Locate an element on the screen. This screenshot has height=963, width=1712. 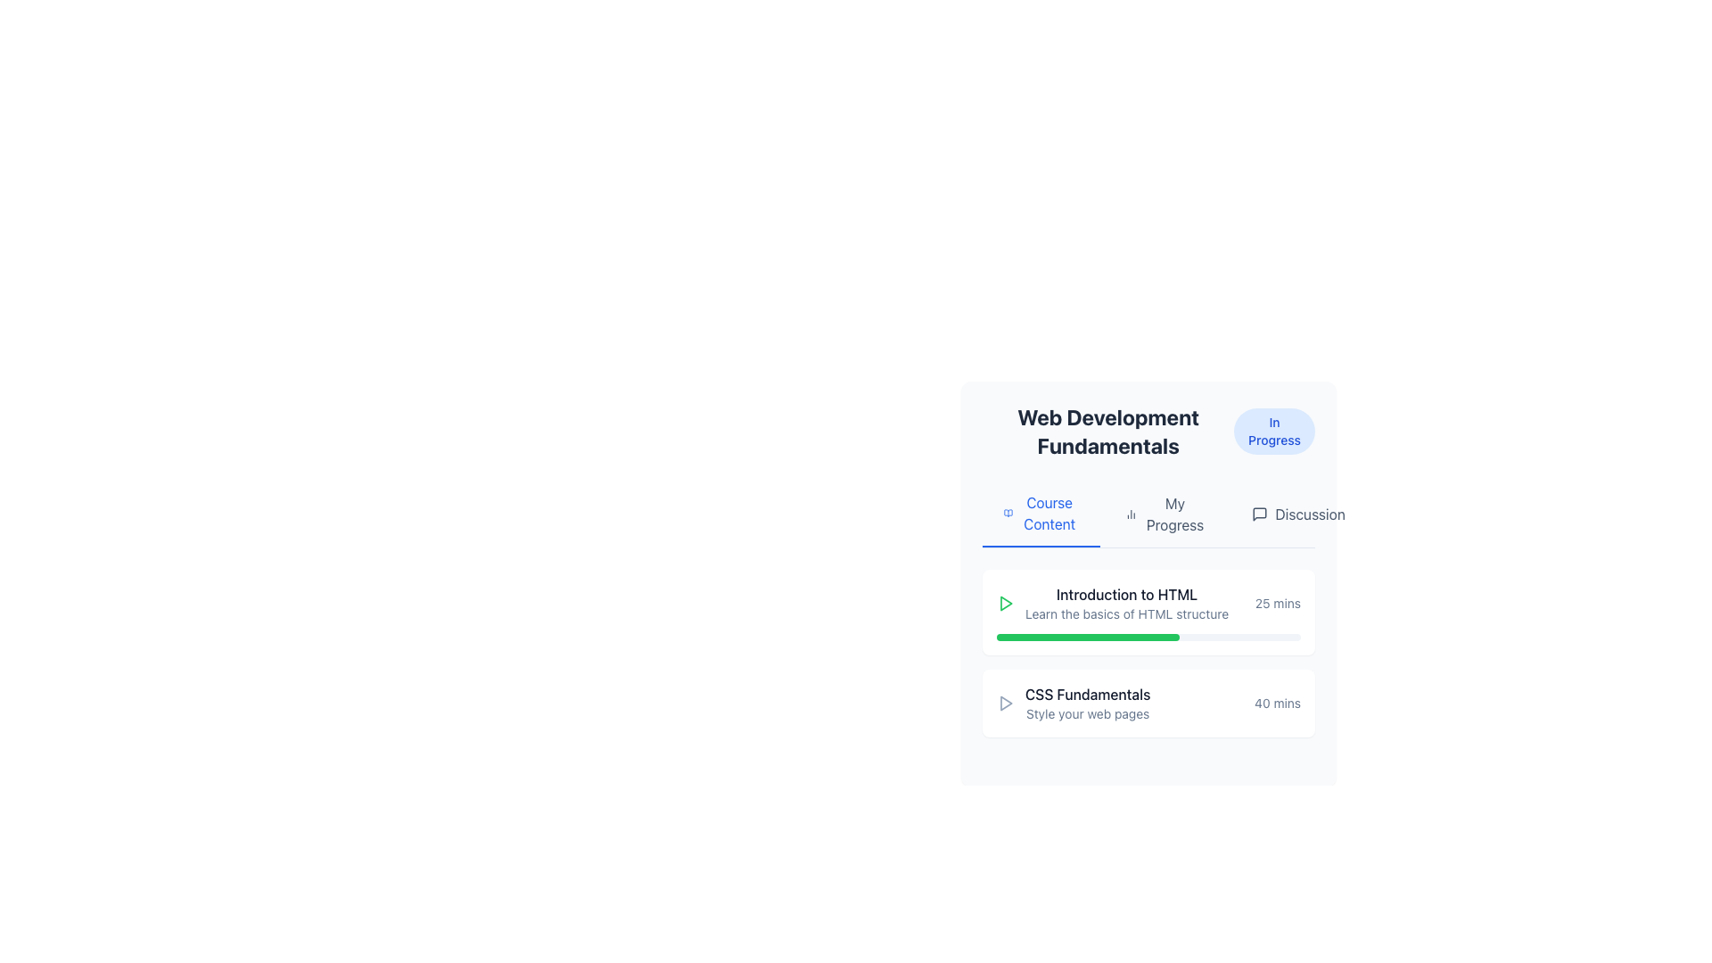
the 'Introduction to HTML' course module entry, which has a play icon is located at coordinates (1112, 603).